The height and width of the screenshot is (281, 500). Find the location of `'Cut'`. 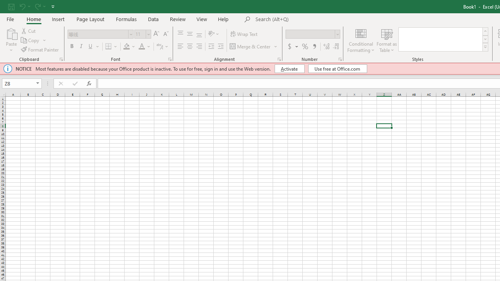

'Cut' is located at coordinates (29, 30).